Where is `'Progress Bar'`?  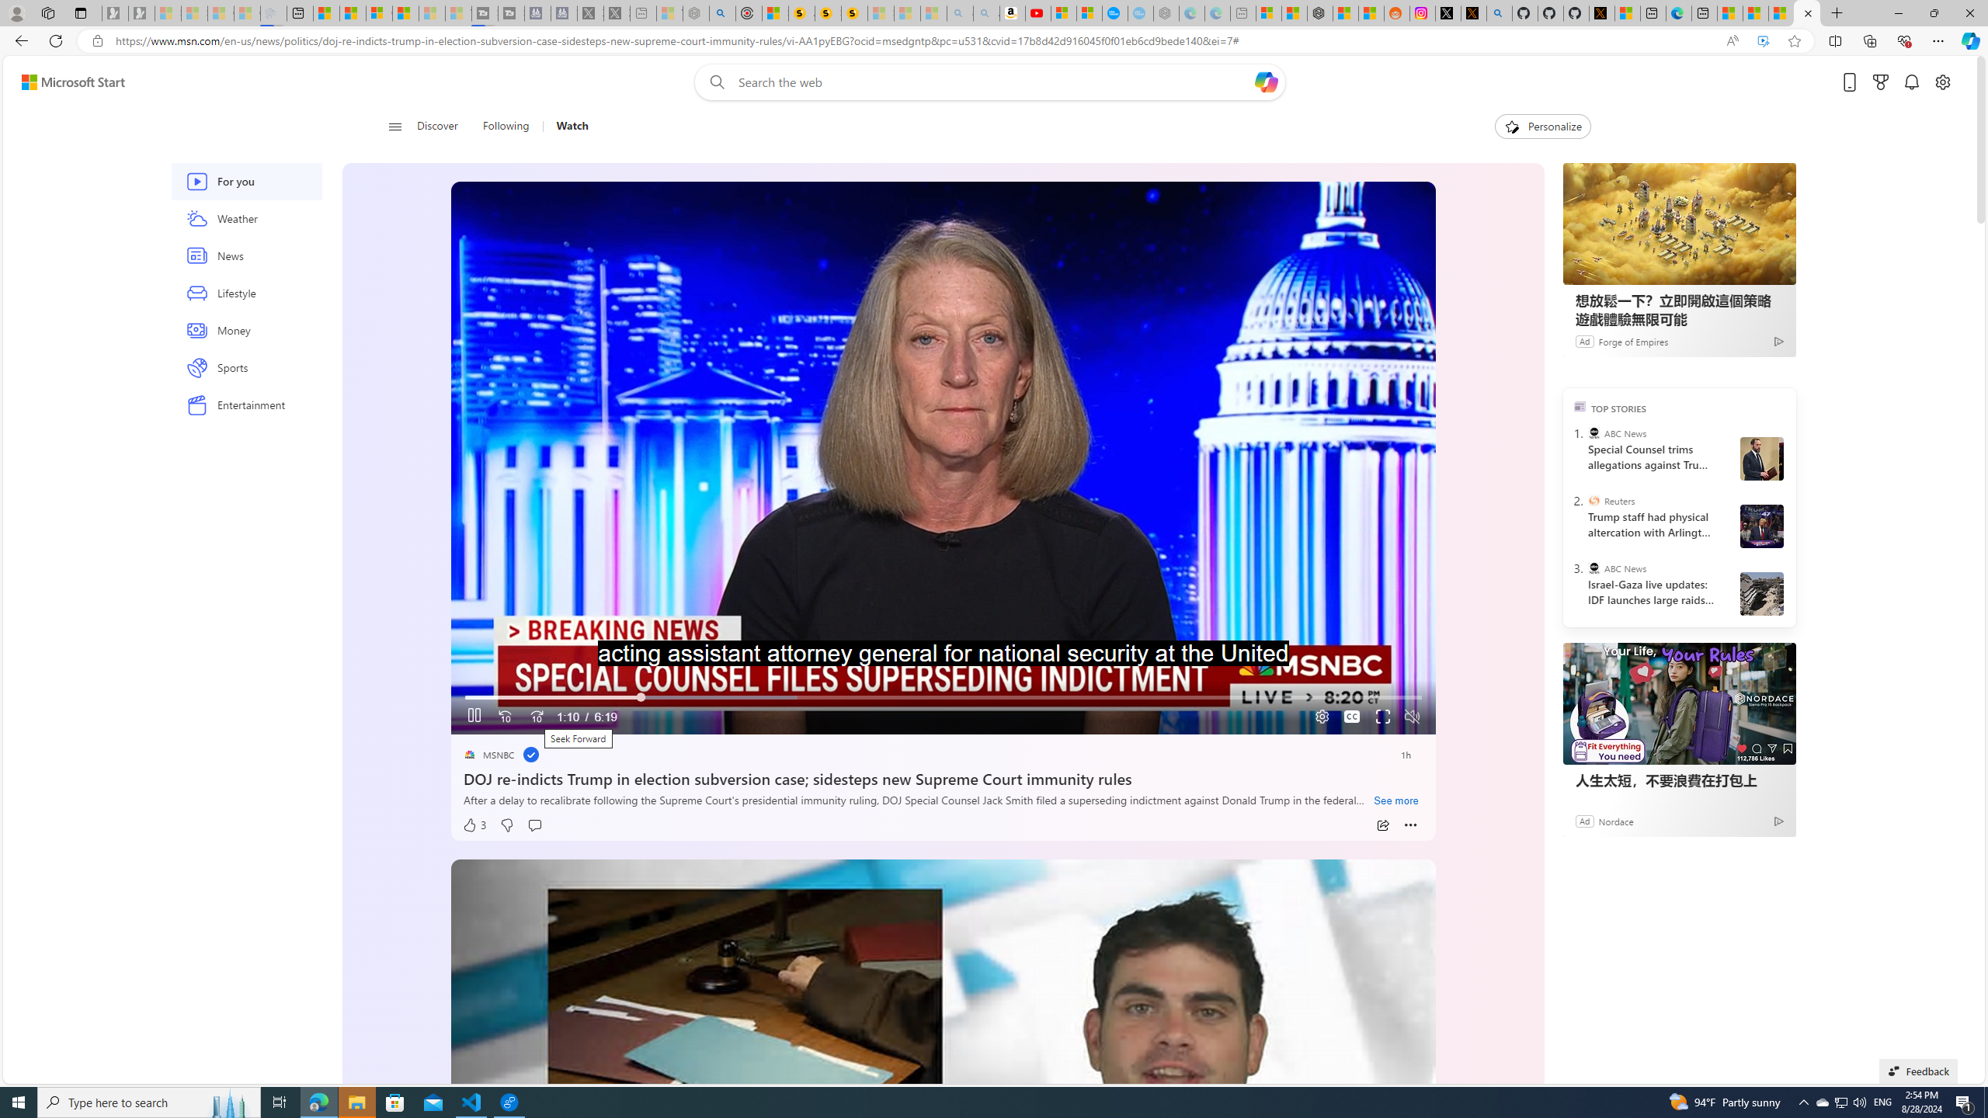 'Progress Bar' is located at coordinates (943, 696).